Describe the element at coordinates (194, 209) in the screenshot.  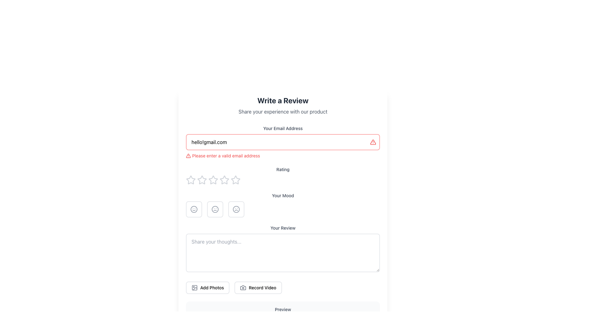
I see `the mood icon component within the SVG that allows the user to select an emotional state for feedback` at that location.